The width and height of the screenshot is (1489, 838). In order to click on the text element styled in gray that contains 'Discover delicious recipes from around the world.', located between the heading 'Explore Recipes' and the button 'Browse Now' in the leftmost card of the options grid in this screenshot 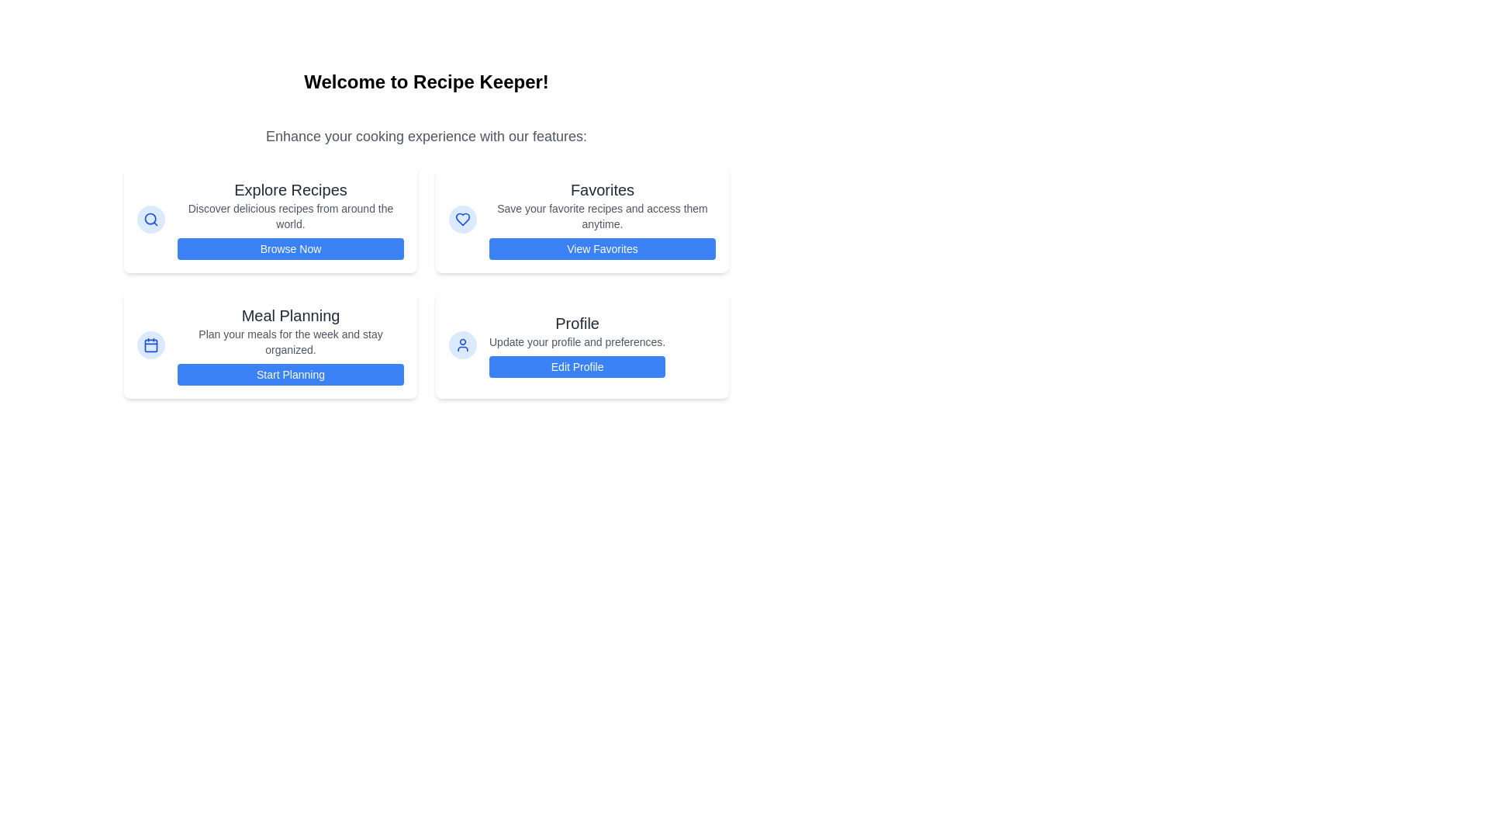, I will do `click(290, 216)`.